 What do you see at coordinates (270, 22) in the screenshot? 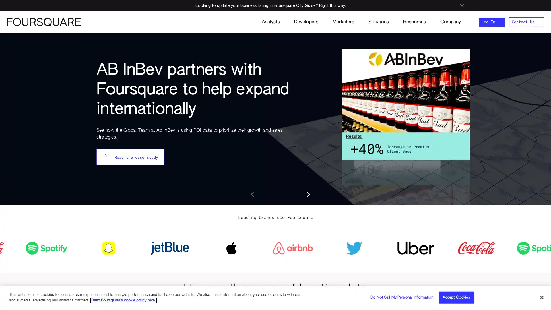
I see `Analysts` at bounding box center [270, 22].